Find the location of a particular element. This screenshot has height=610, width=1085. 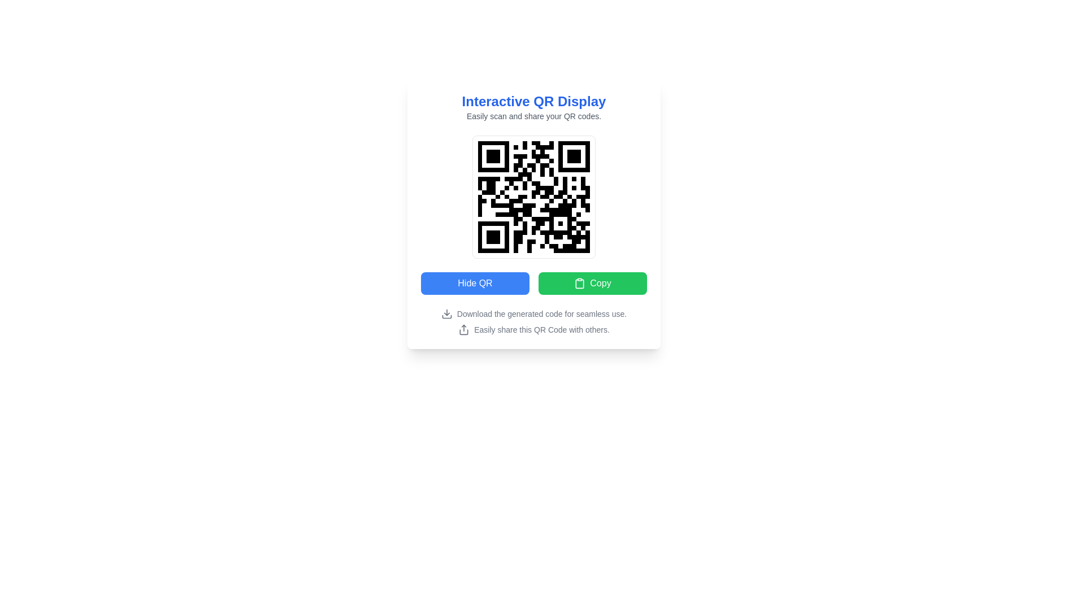

the clipboard icon, which is the second subcomponent of the graphical representation of the clipboard located towards the bottom-right corner of the interface is located at coordinates (580, 283).